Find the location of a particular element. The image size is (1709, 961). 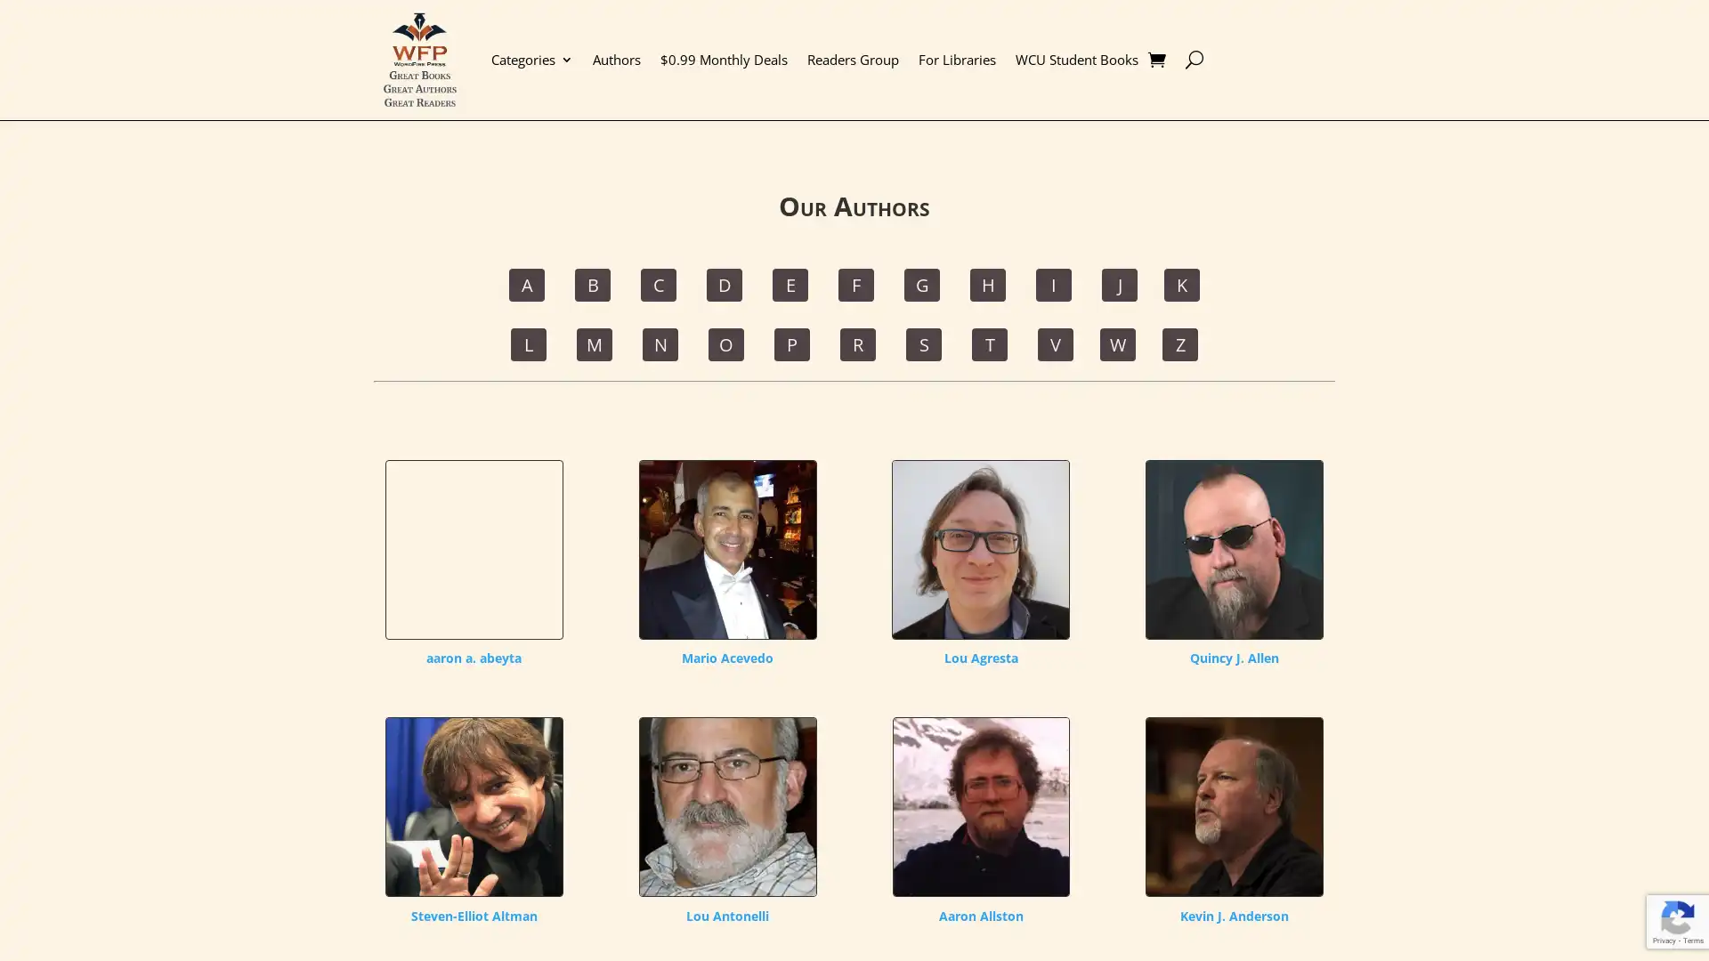

H is located at coordinates (986, 283).